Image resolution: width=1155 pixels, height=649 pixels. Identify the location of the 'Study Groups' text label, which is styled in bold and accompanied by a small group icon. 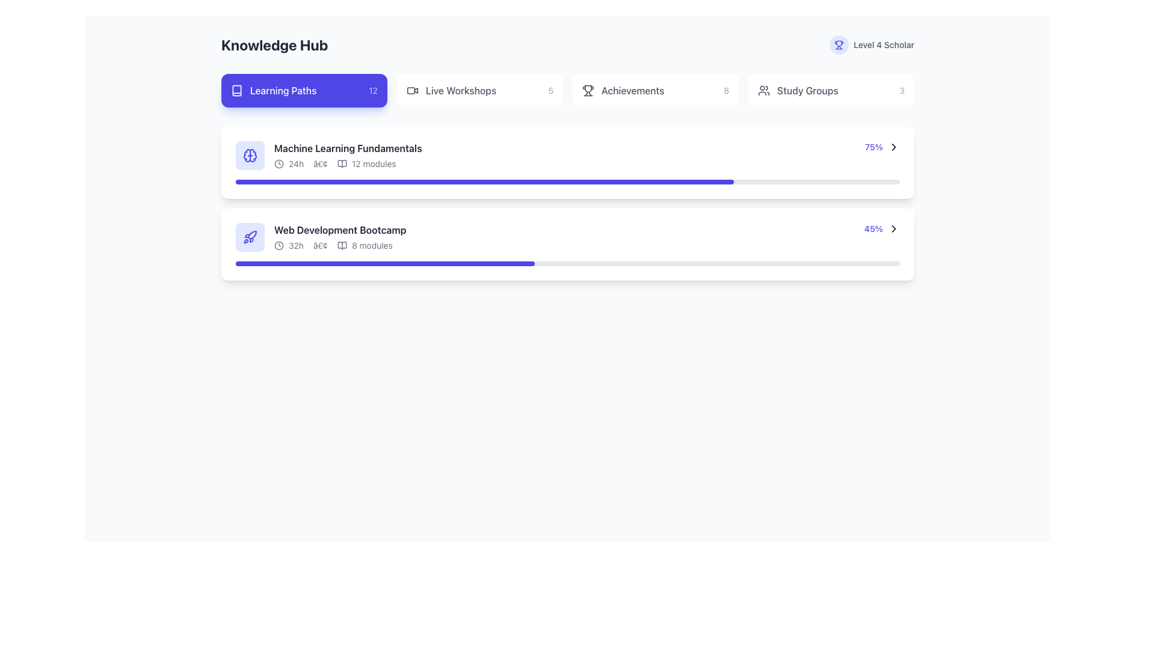
(798, 90).